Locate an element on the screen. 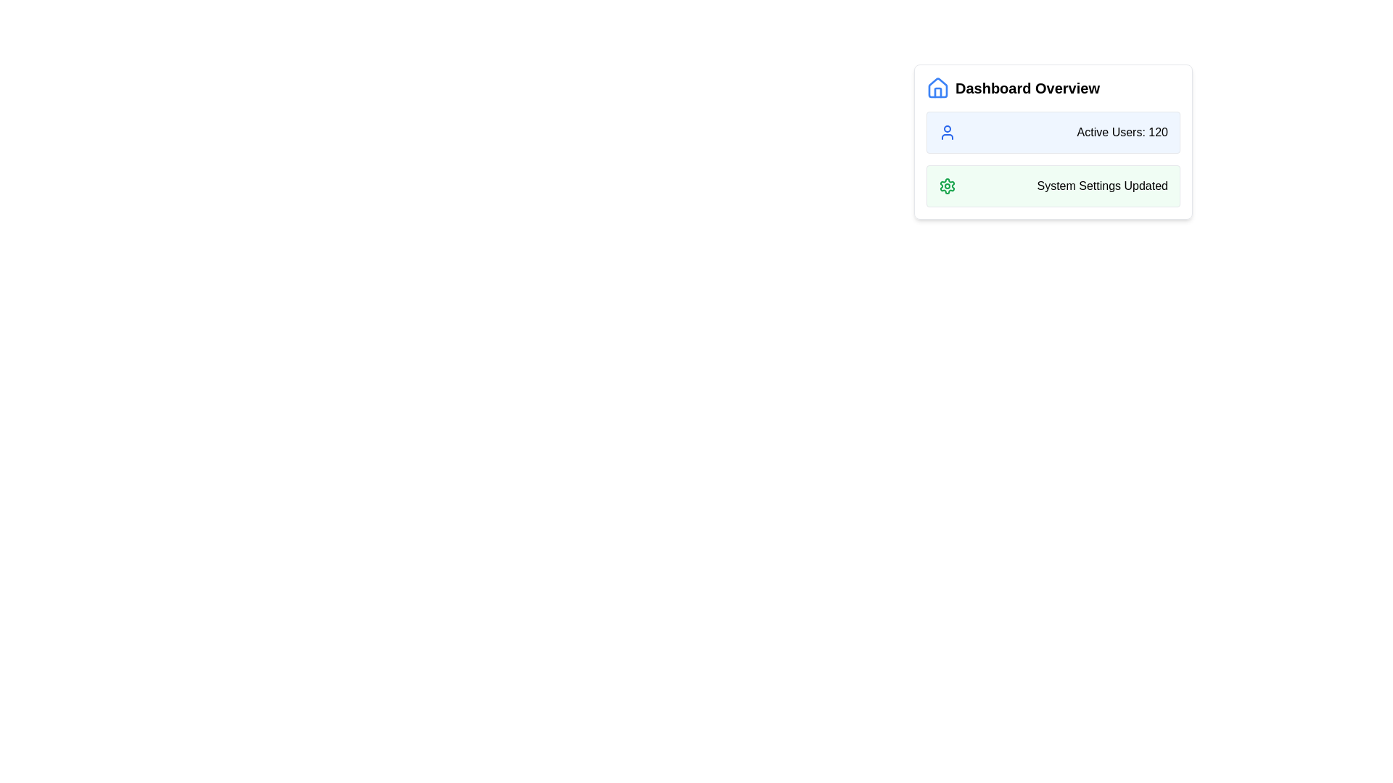  the settings icon located in the upper-left corner of the green notification box that contains the text 'System Settings Updated' is located at coordinates (947, 186).